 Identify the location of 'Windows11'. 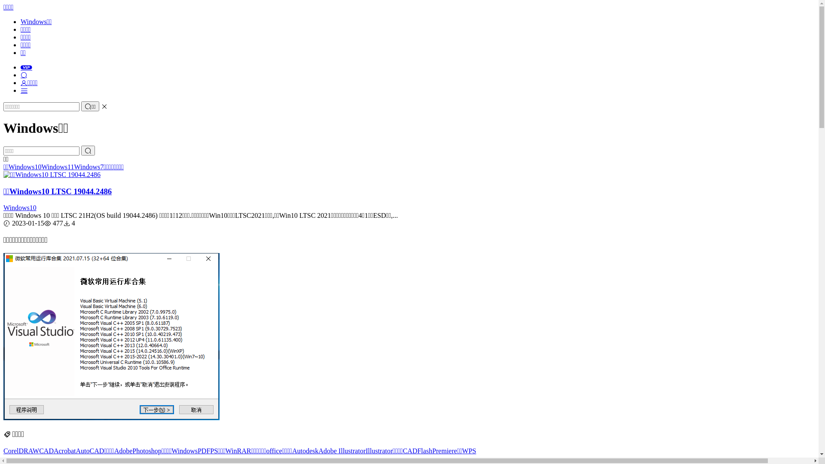
(41, 167).